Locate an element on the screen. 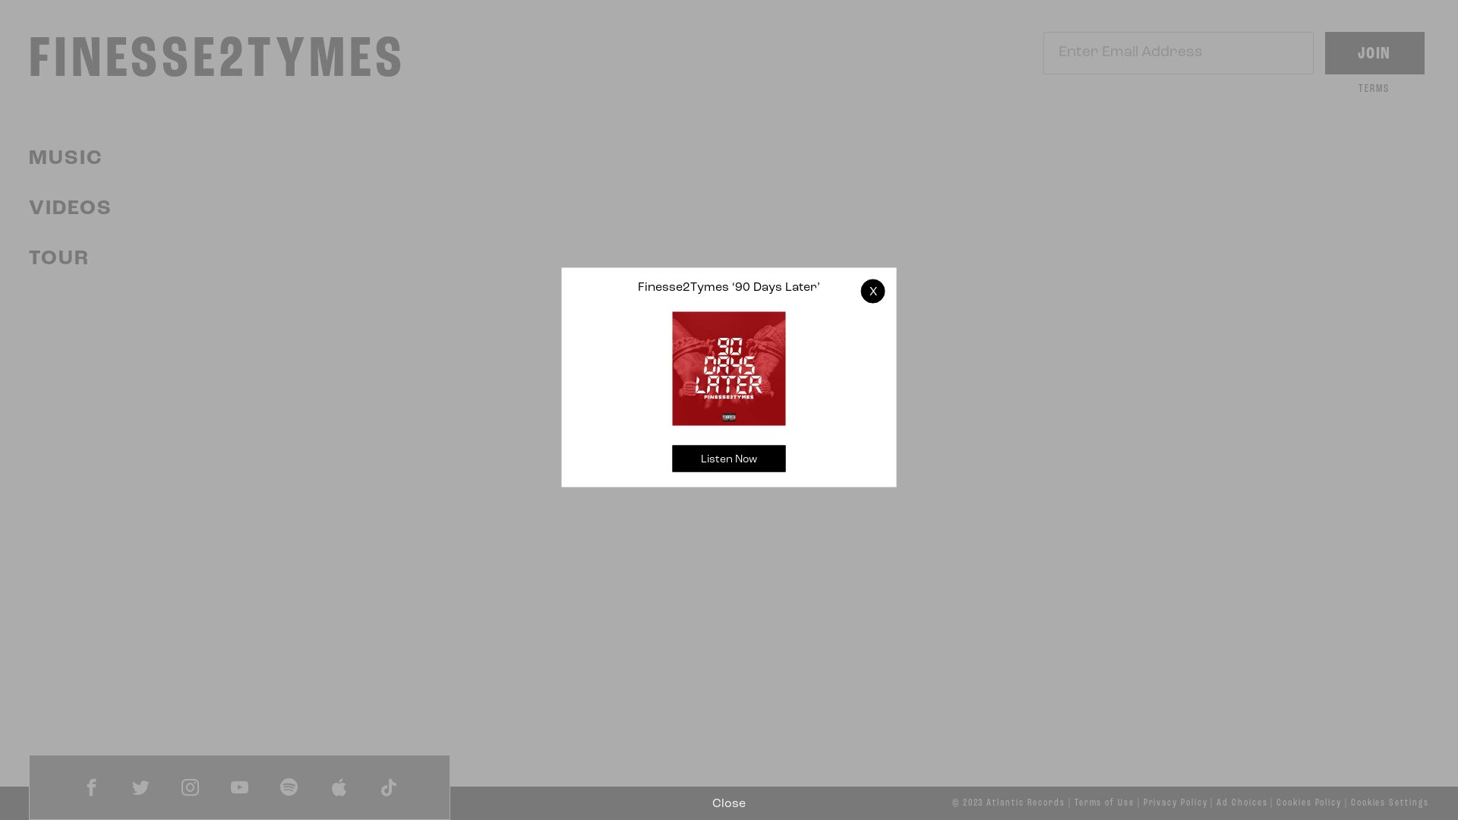 The height and width of the screenshot is (820, 1458). 'Ad Choices' is located at coordinates (1242, 802).